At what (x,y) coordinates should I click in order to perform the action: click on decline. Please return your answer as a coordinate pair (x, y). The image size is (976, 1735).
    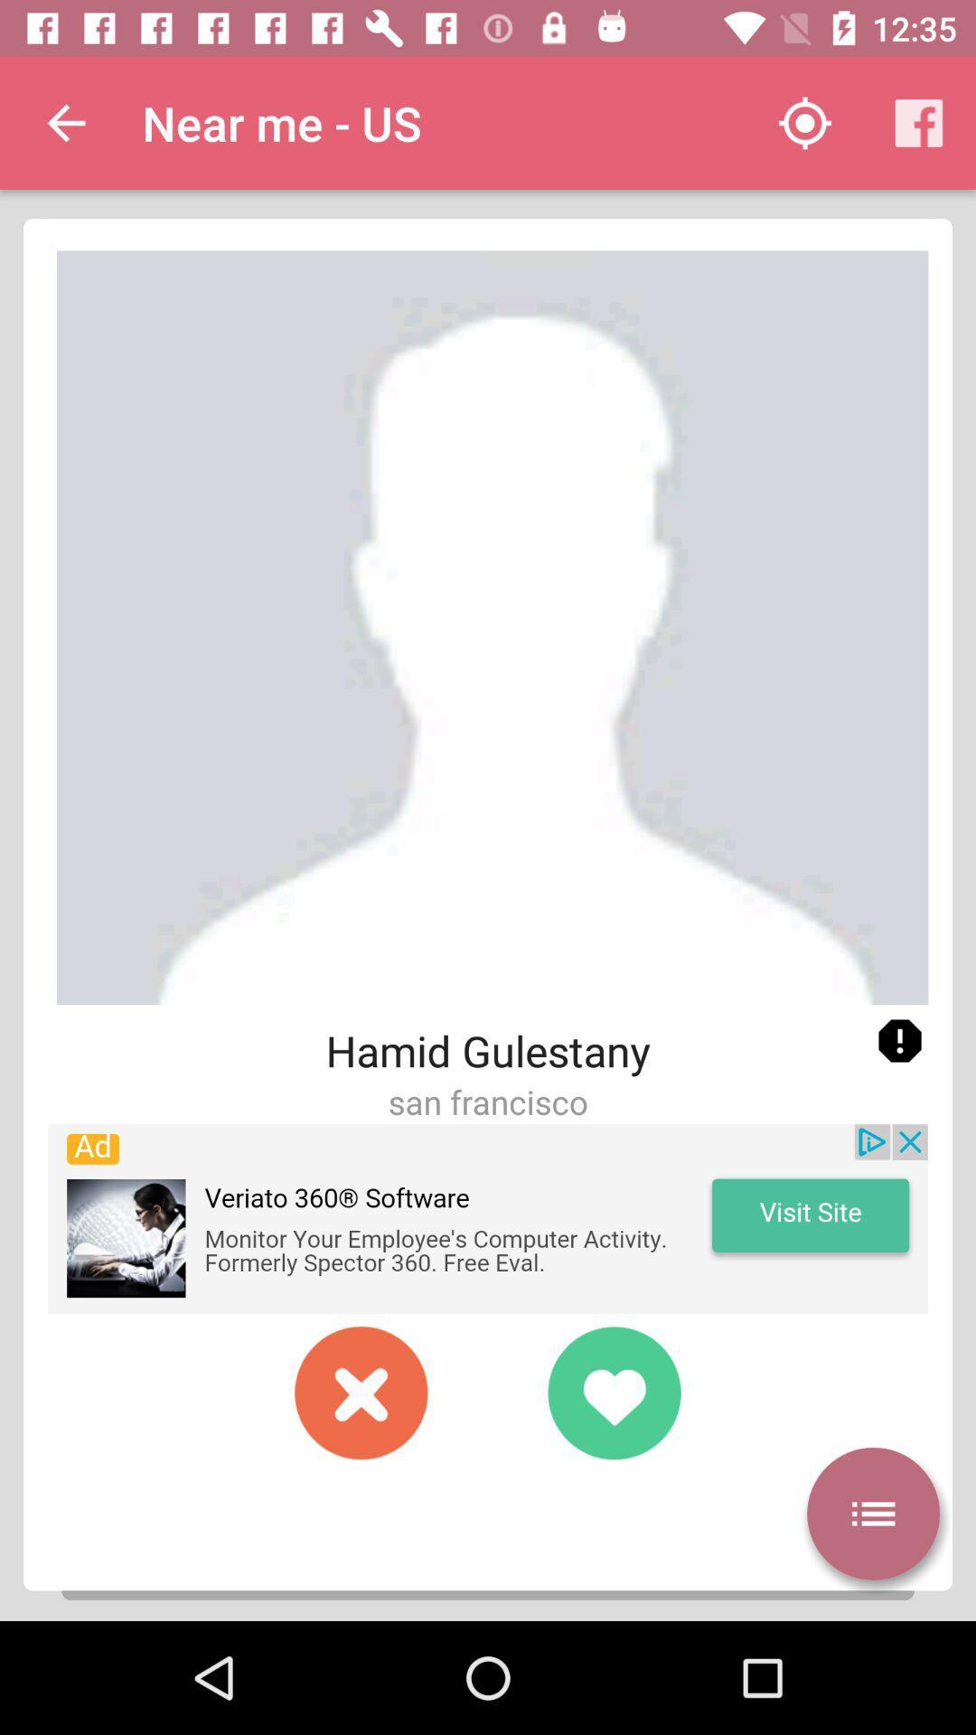
    Looking at the image, I should click on (361, 1392).